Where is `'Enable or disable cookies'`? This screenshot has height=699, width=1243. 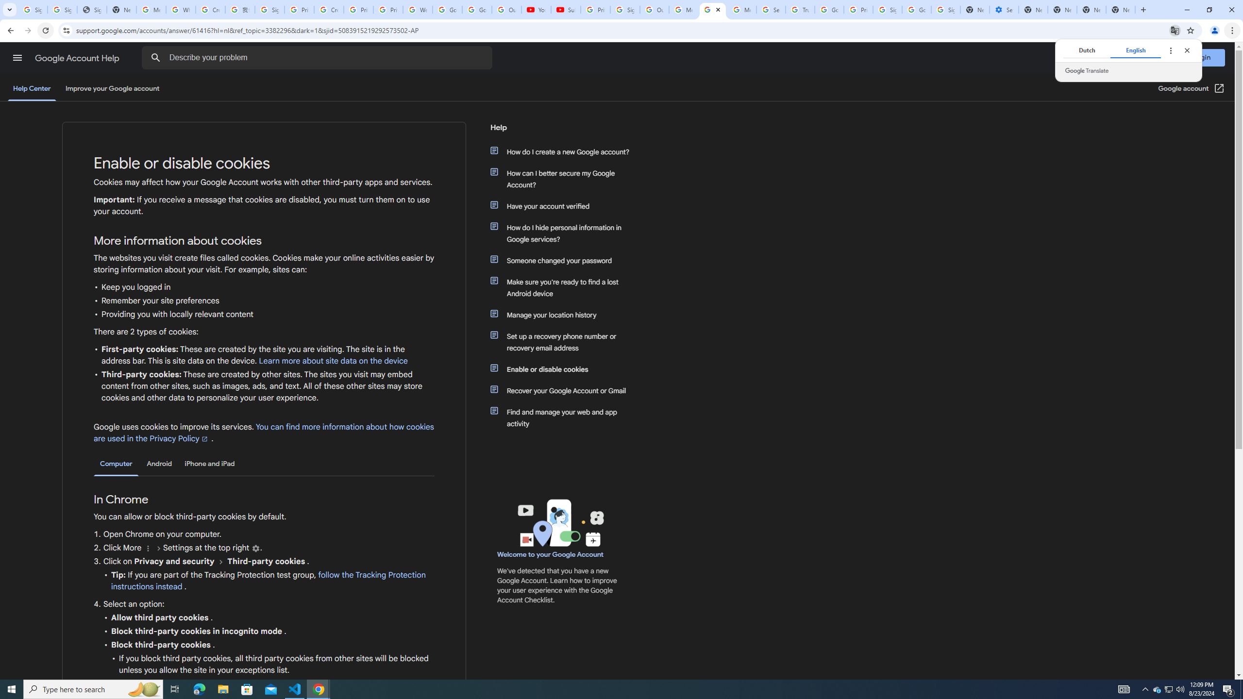 'Enable or disable cookies' is located at coordinates (564, 369).